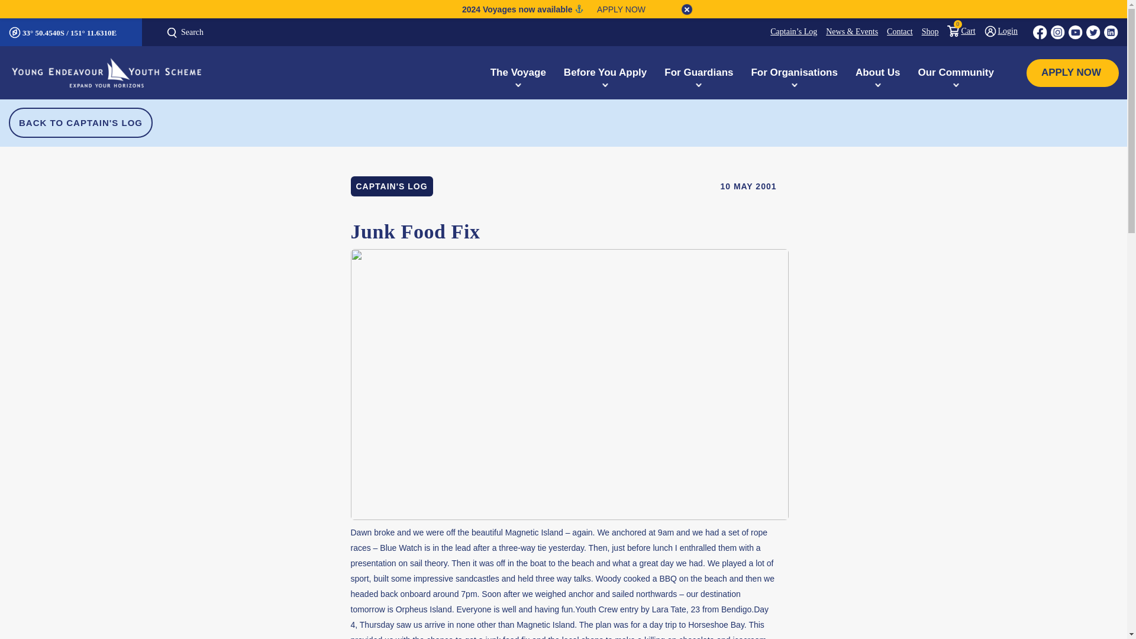  I want to click on 'Contact', so click(895, 31).